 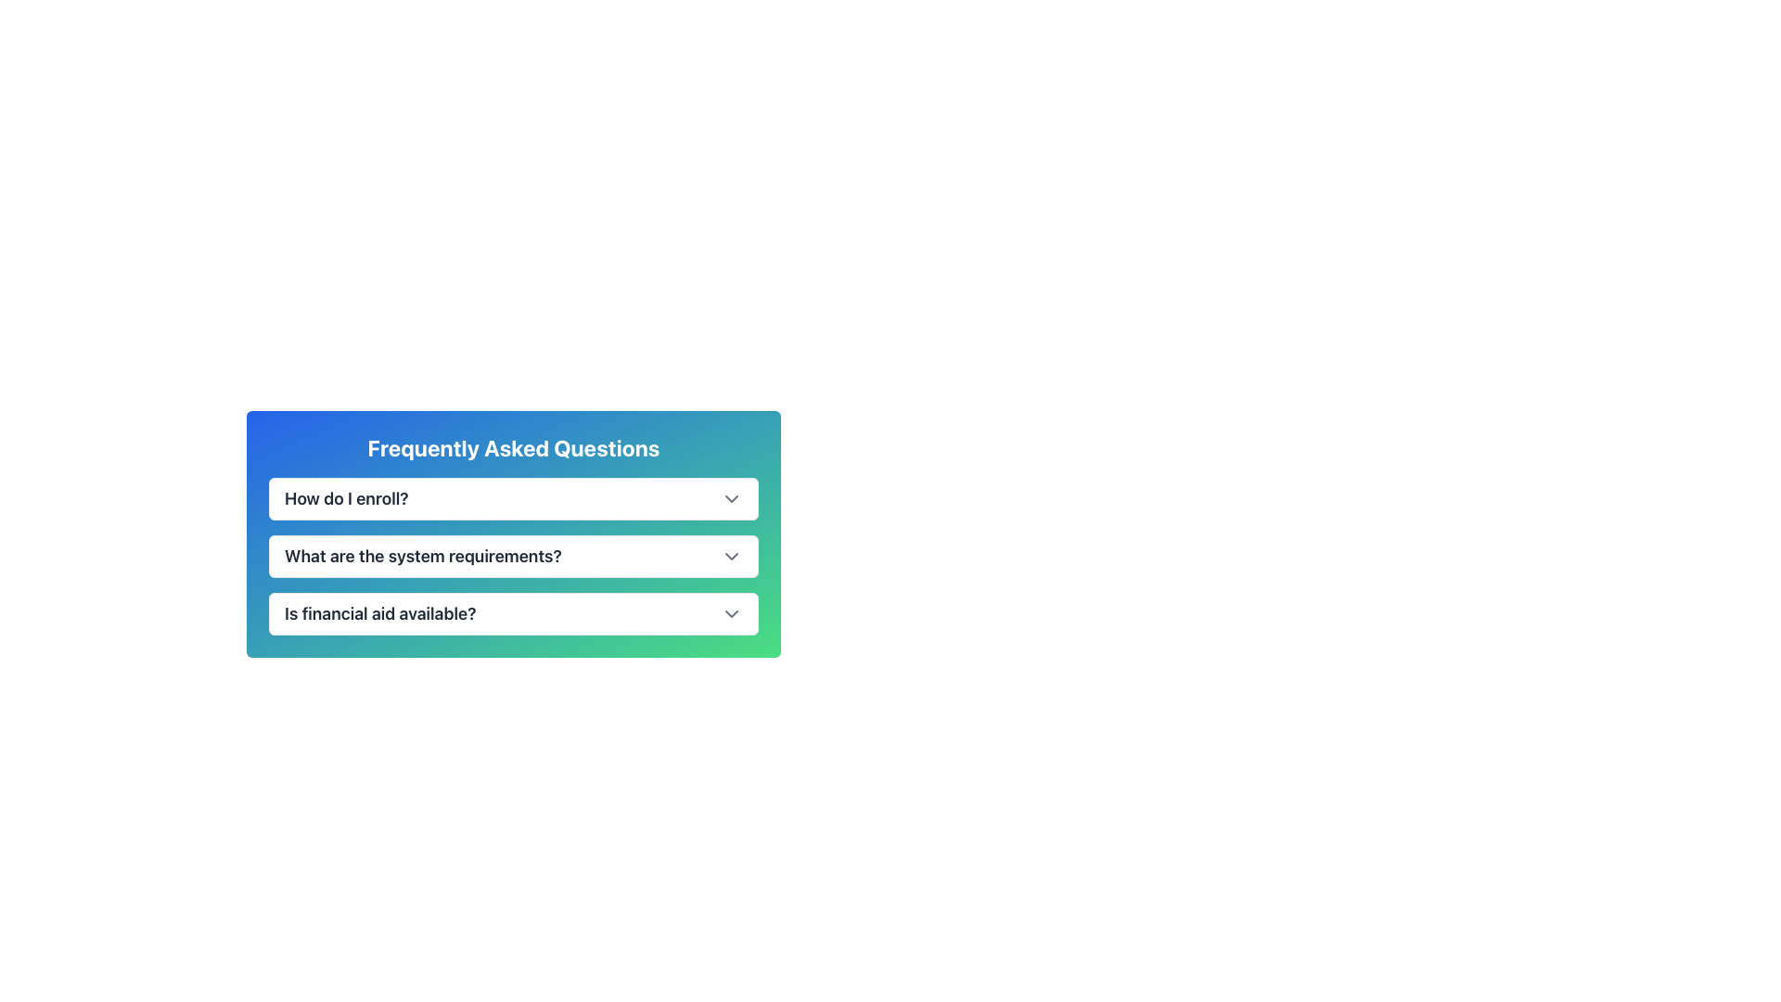 I want to click on text displaying the question 'Is financial aid available?' which is styled in bold and large font, located at the bottom of the Frequently Asked Questions list, so click(x=379, y=614).